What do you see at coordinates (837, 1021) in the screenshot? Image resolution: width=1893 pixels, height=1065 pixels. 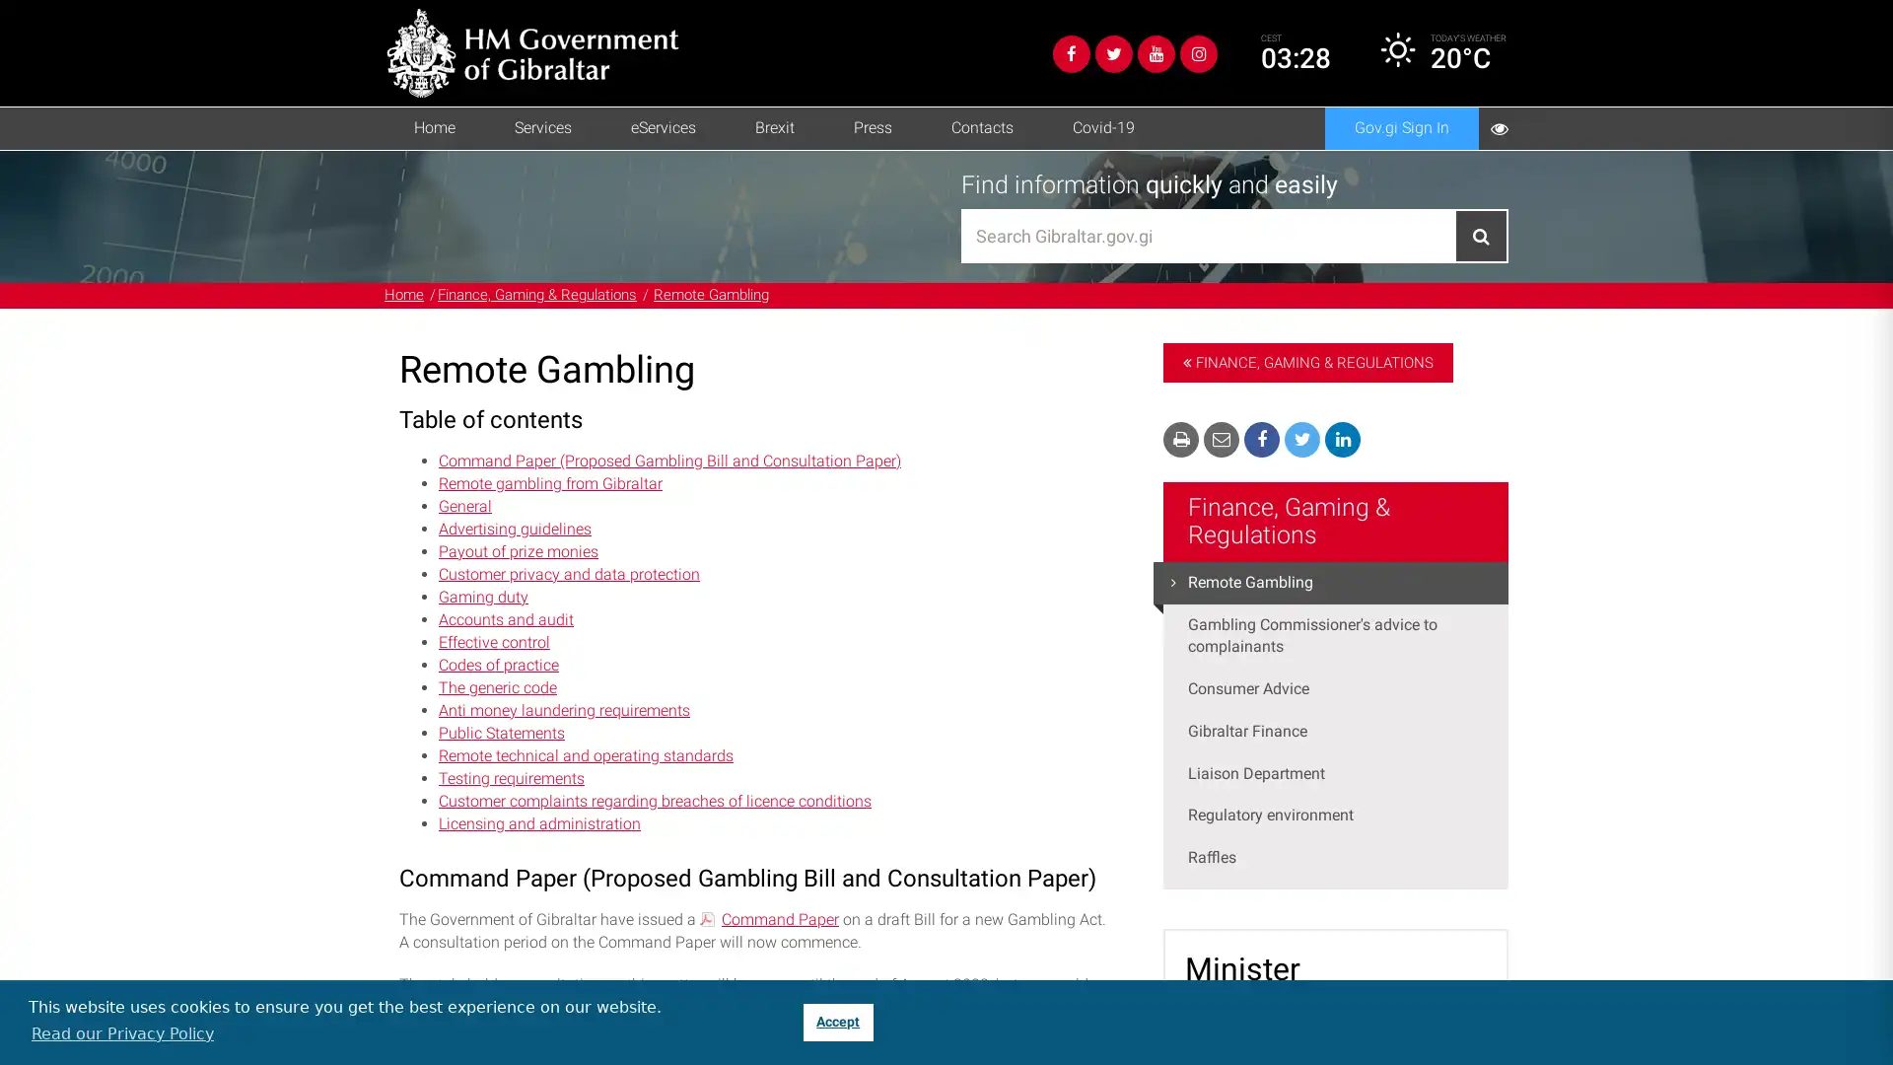 I see `dismiss cookie message` at bounding box center [837, 1021].